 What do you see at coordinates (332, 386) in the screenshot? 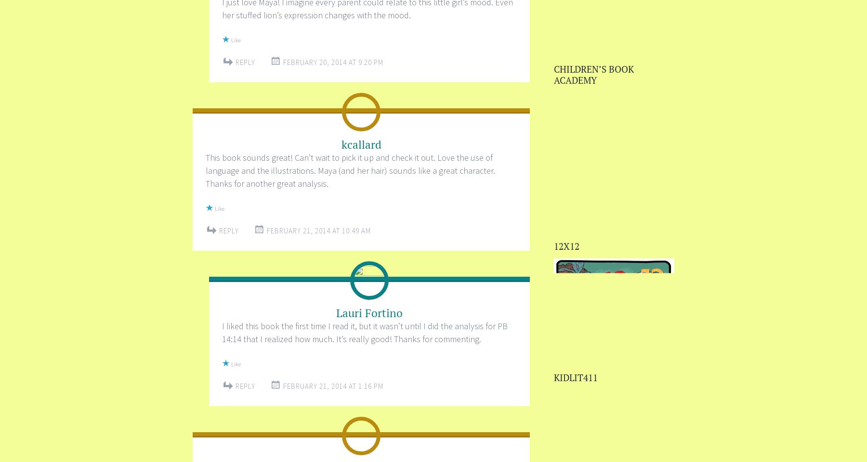
I see `'February 21, 2014 at 1:16 PM'` at bounding box center [332, 386].